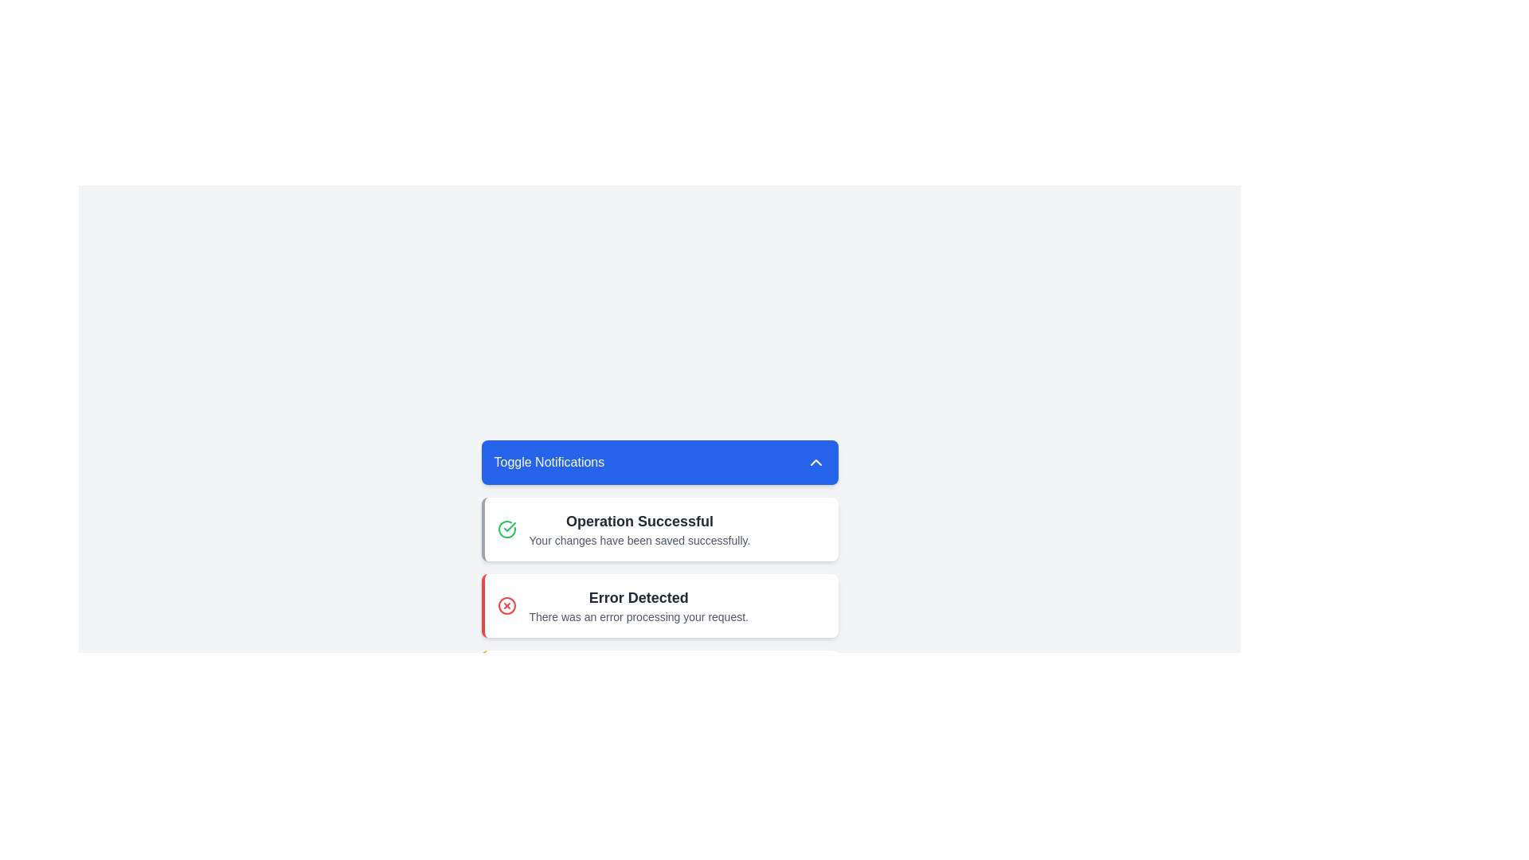  Describe the element at coordinates (659, 605) in the screenshot. I see `the 'Error Detected' notification box visually by clicking on it` at that location.